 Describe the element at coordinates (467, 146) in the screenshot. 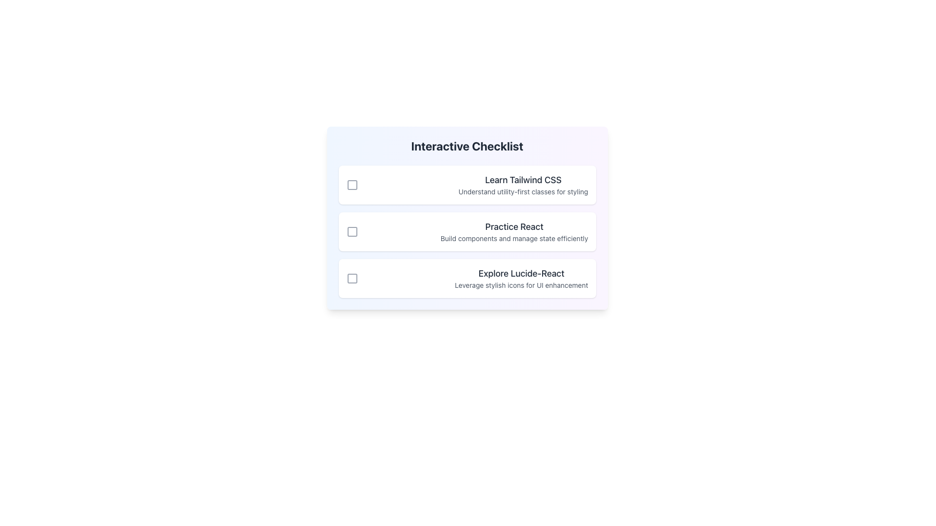

I see `title text located at the top of the checklist card, which provides context for the items listed below` at that location.